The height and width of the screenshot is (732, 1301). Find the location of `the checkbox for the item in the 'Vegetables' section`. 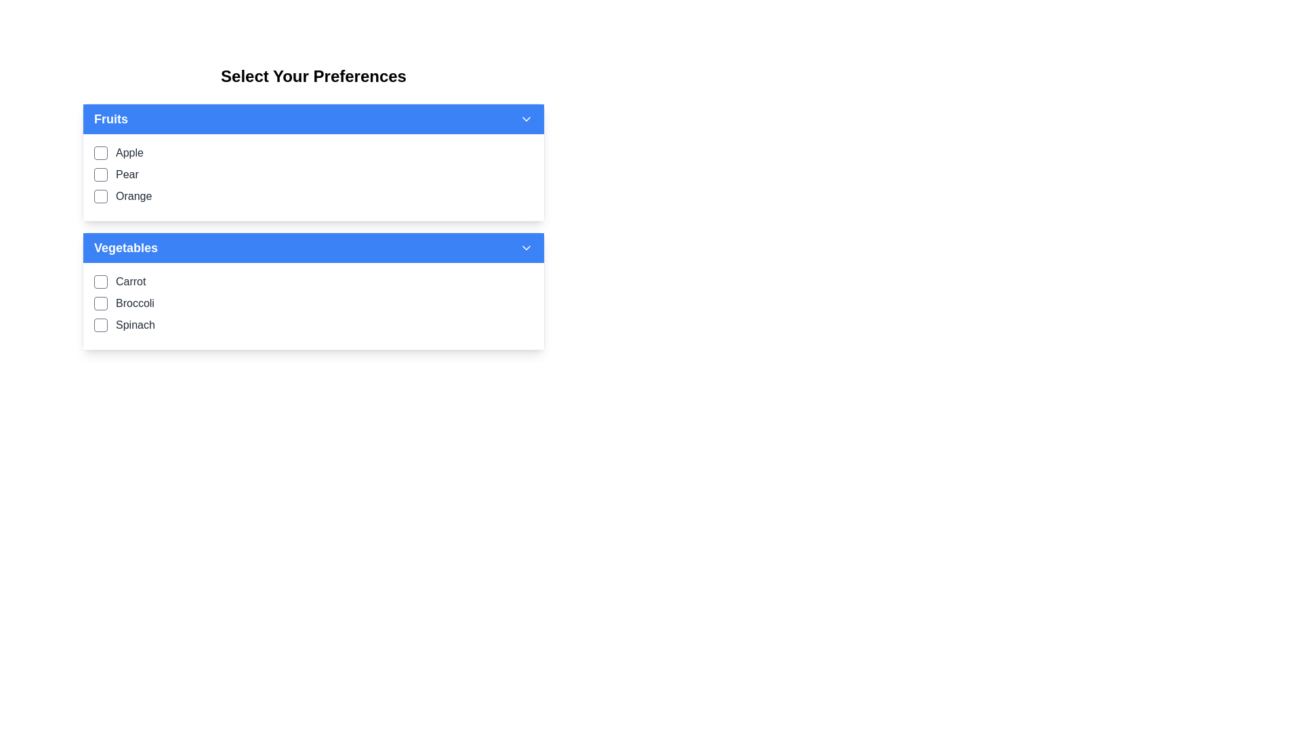

the checkbox for the item in the 'Vegetables' section is located at coordinates (312, 290).